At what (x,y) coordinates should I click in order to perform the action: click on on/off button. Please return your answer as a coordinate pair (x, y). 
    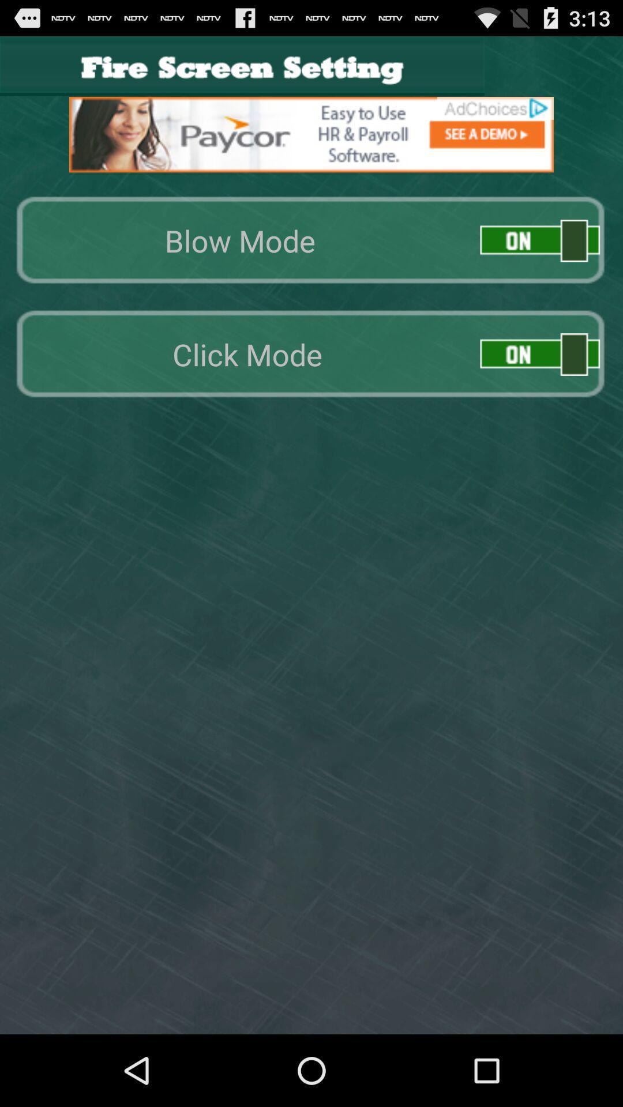
    Looking at the image, I should click on (540, 353).